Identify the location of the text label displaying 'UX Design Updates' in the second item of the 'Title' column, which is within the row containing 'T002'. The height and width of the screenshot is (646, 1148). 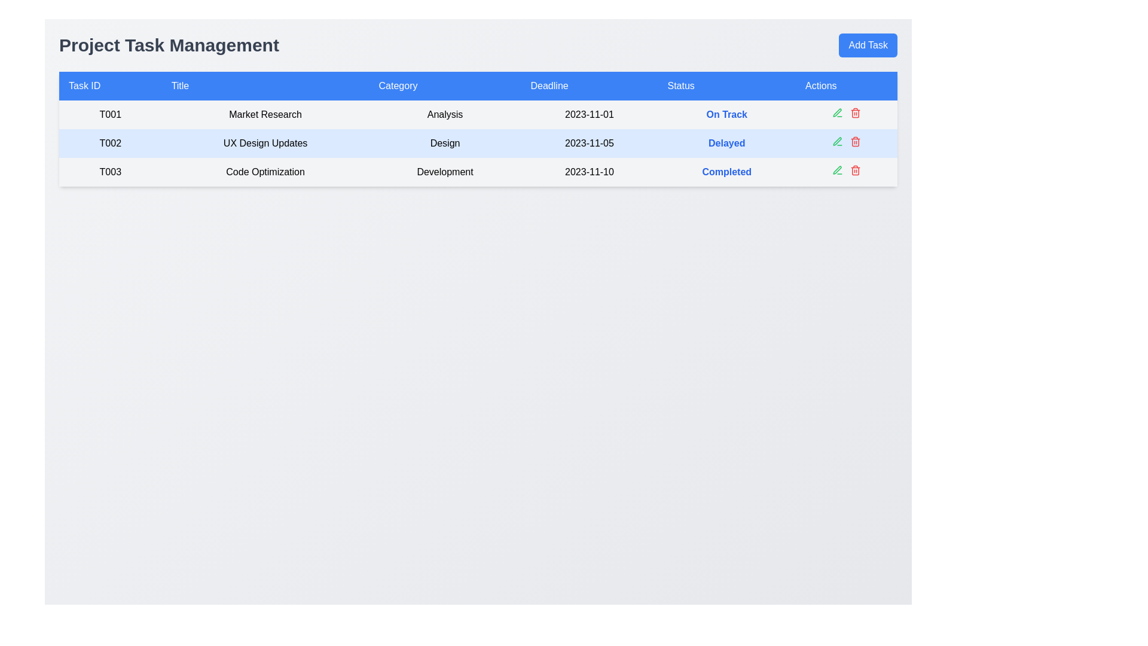
(265, 142).